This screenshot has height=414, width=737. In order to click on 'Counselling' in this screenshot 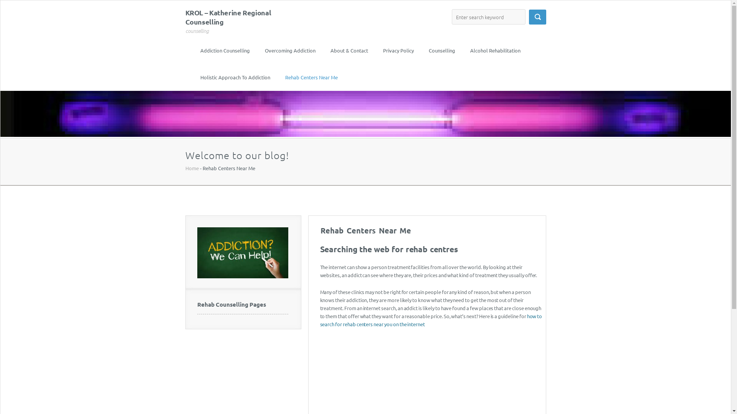, I will do `click(441, 50)`.